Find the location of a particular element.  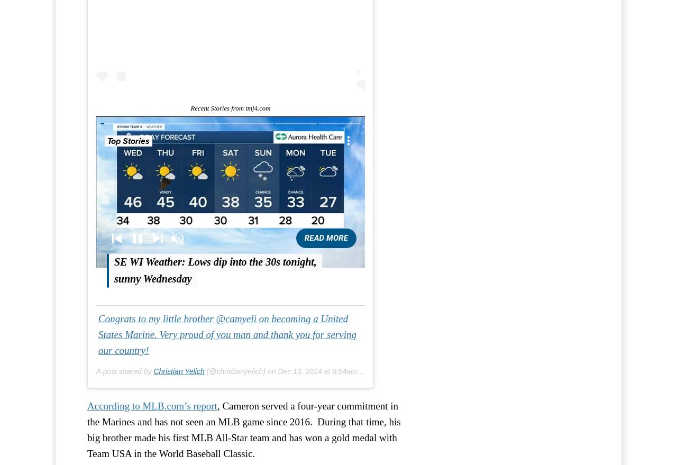

'(@christianyelich) on' is located at coordinates (240, 371).